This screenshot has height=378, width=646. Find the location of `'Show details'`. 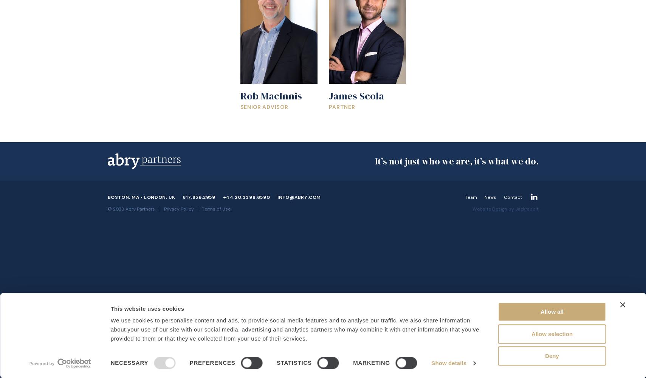

'Show details' is located at coordinates (449, 363).